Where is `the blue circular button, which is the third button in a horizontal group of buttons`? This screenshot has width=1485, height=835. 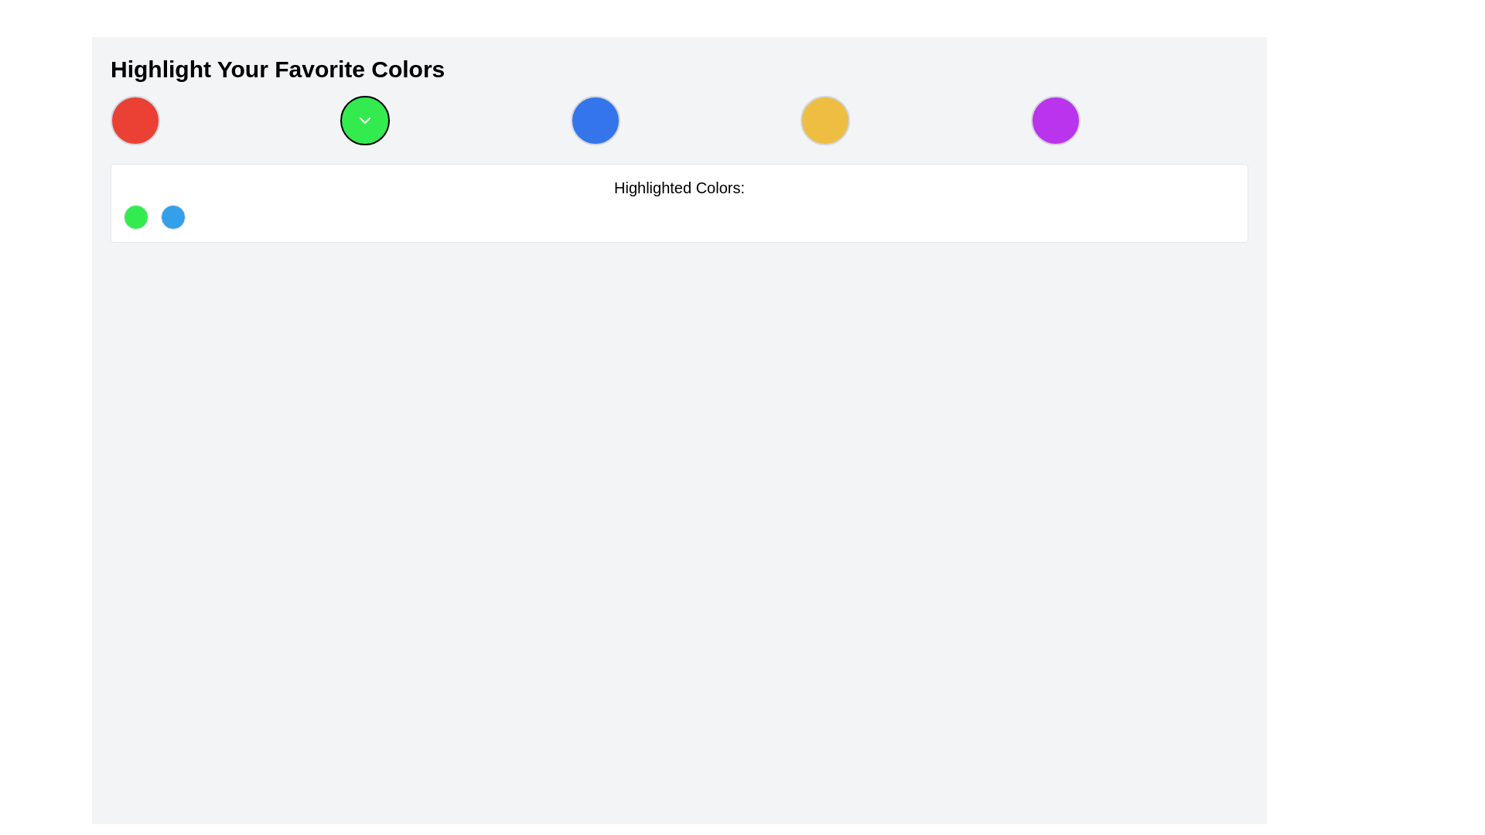 the blue circular button, which is the third button in a horizontal group of buttons is located at coordinates (594, 119).